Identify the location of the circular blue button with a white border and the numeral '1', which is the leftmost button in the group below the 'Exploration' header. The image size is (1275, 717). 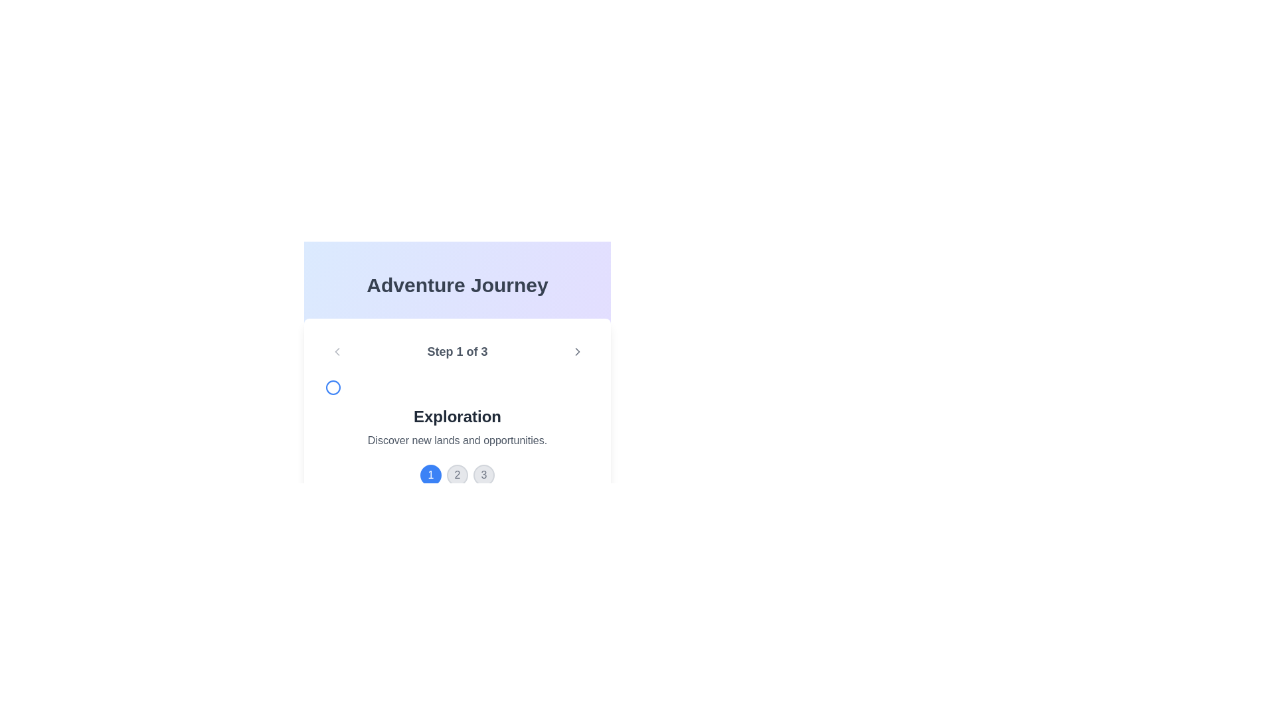
(430, 475).